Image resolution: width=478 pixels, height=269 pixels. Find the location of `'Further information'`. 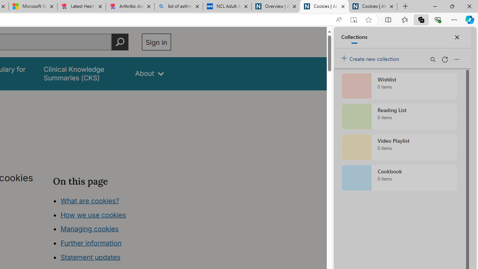

'Further information' is located at coordinates (91, 243).